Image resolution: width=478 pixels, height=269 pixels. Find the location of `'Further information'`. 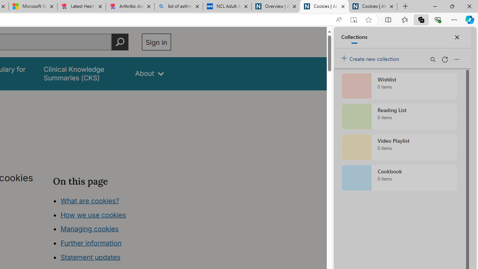

'Further information' is located at coordinates (91, 243).